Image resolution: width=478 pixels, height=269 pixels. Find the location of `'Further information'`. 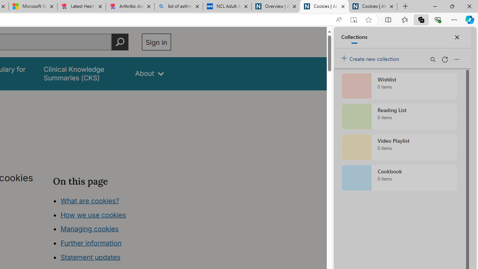

'Further information' is located at coordinates (91, 243).